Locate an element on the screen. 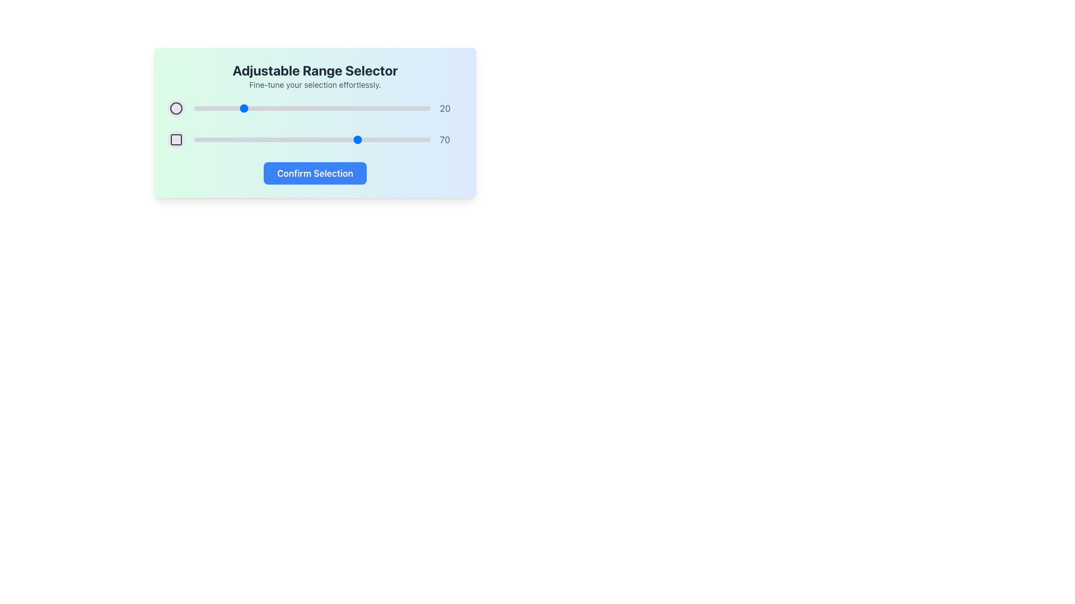 The image size is (1075, 604). the text label displaying the number '20', which is styled with gray color and medium font weight, located near the right edge of the slider component is located at coordinates (445, 108).